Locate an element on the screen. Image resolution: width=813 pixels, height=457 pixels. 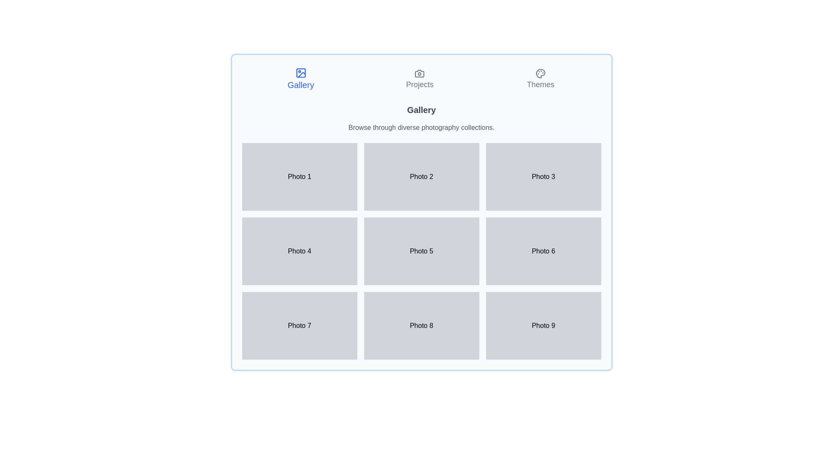
the 'Themes' text label in the top navigation bar is located at coordinates (540, 85).